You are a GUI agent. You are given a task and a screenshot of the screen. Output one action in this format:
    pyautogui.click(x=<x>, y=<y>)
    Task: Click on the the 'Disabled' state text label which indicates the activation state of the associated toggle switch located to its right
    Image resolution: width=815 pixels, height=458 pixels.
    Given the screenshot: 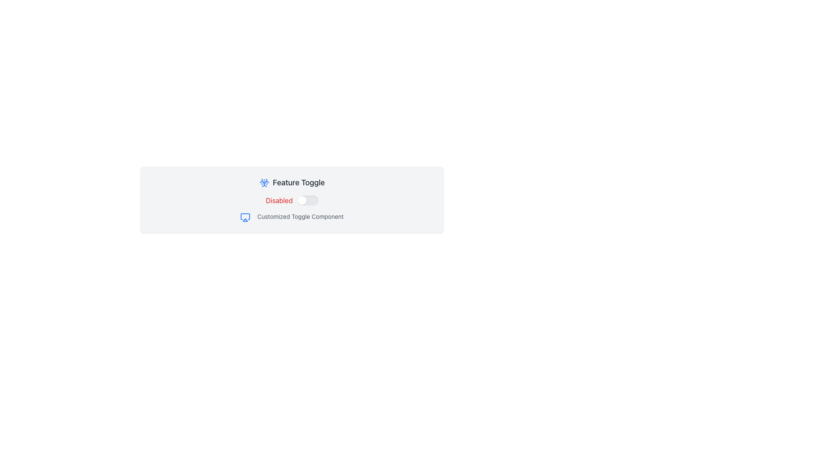 What is the action you would take?
    pyautogui.click(x=279, y=201)
    